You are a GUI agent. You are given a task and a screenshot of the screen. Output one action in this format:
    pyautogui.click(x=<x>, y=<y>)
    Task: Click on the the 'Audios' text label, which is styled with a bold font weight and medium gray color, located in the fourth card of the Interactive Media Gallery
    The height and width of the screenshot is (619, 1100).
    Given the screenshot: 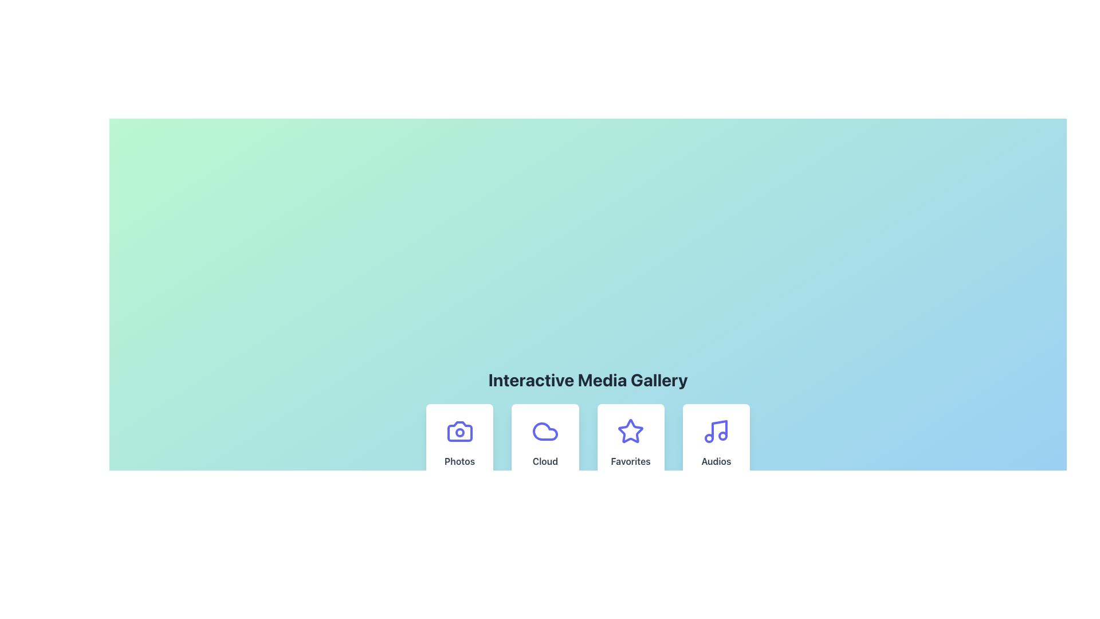 What is the action you would take?
    pyautogui.click(x=716, y=461)
    